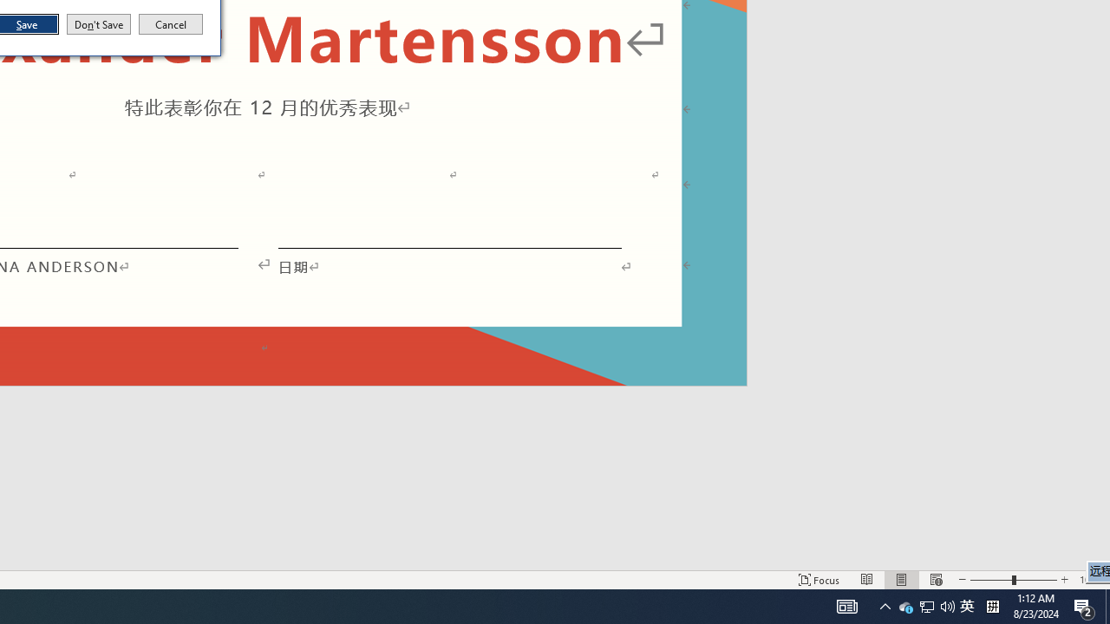 This screenshot has height=624, width=1110. Describe the element at coordinates (1107, 605) in the screenshot. I see `'Show desktop'` at that location.